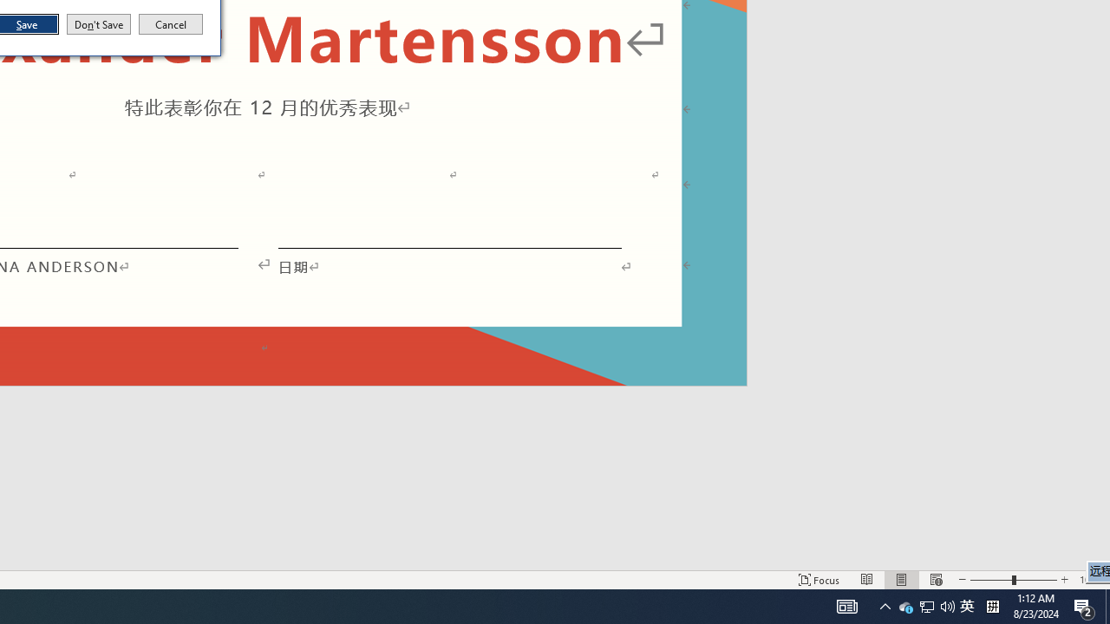 This screenshot has height=624, width=1110. Describe the element at coordinates (1107, 605) in the screenshot. I see `'Show desktop'` at that location.